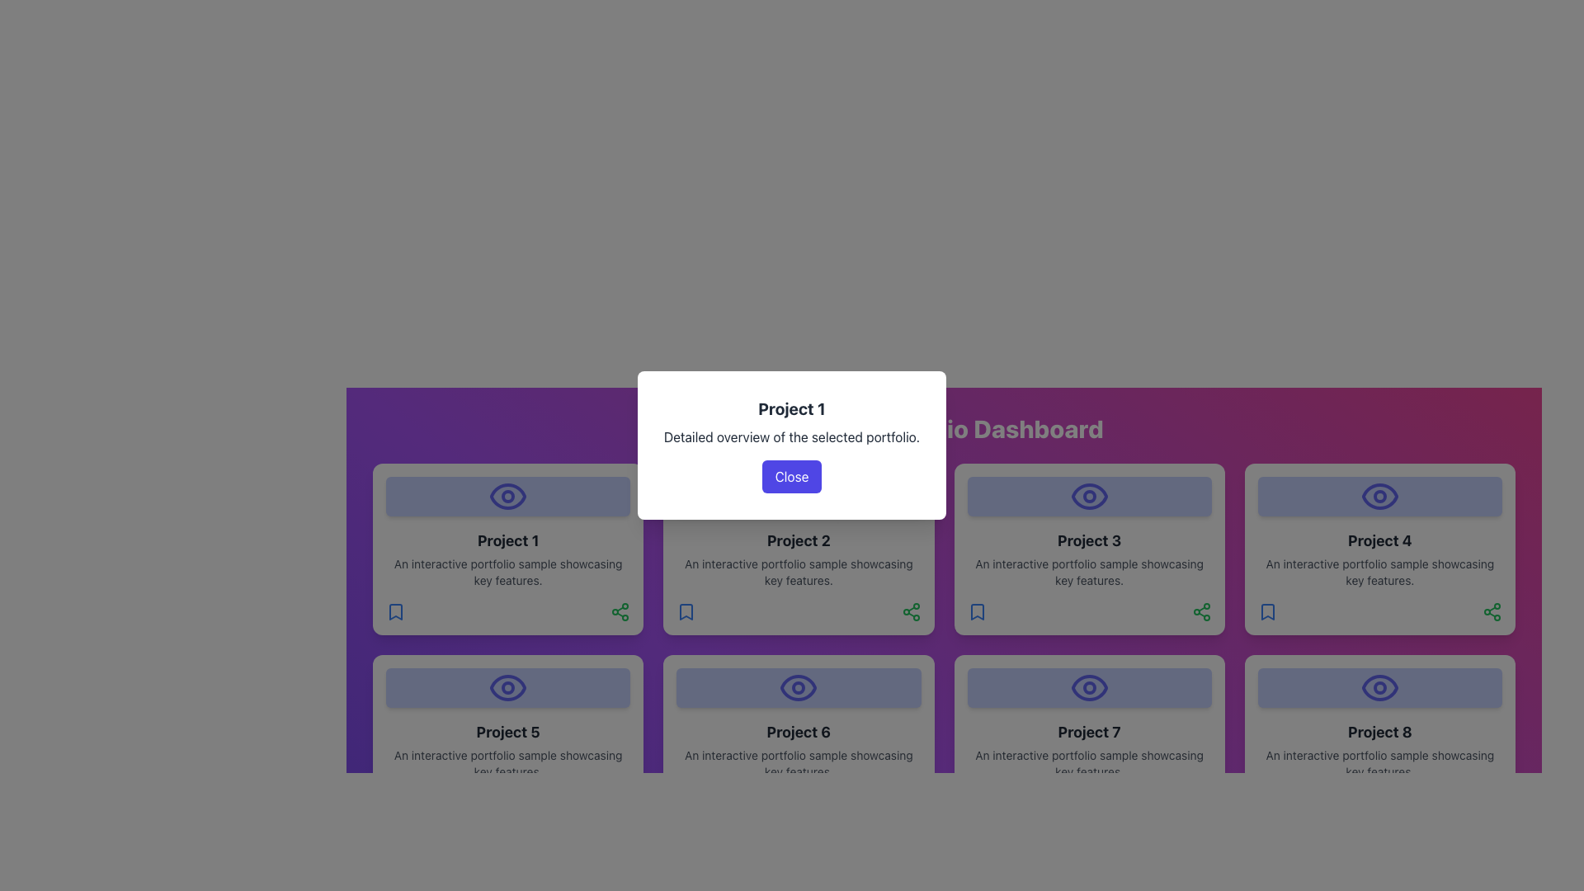 Image resolution: width=1584 pixels, height=891 pixels. Describe the element at coordinates (1089, 495) in the screenshot. I see `the central SVG circle element of the eye-like icon located at the top of the 'Project 3' card in the second row of the grid` at that location.